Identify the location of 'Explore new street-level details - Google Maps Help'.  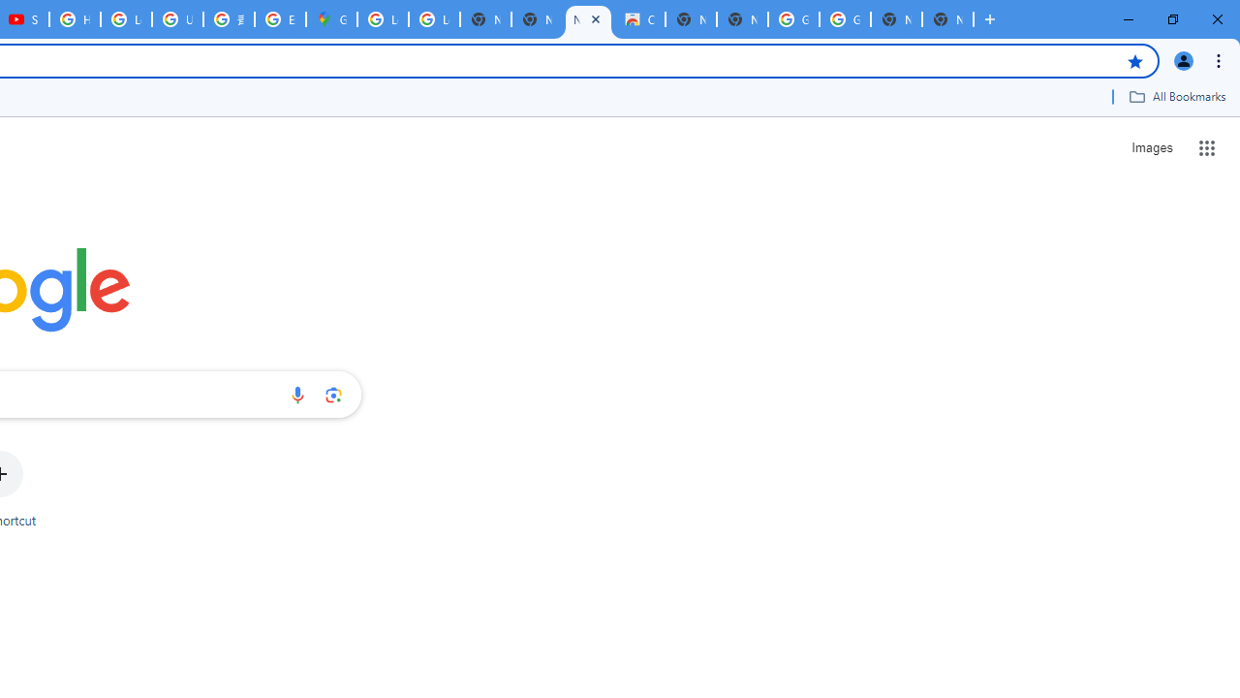
(279, 19).